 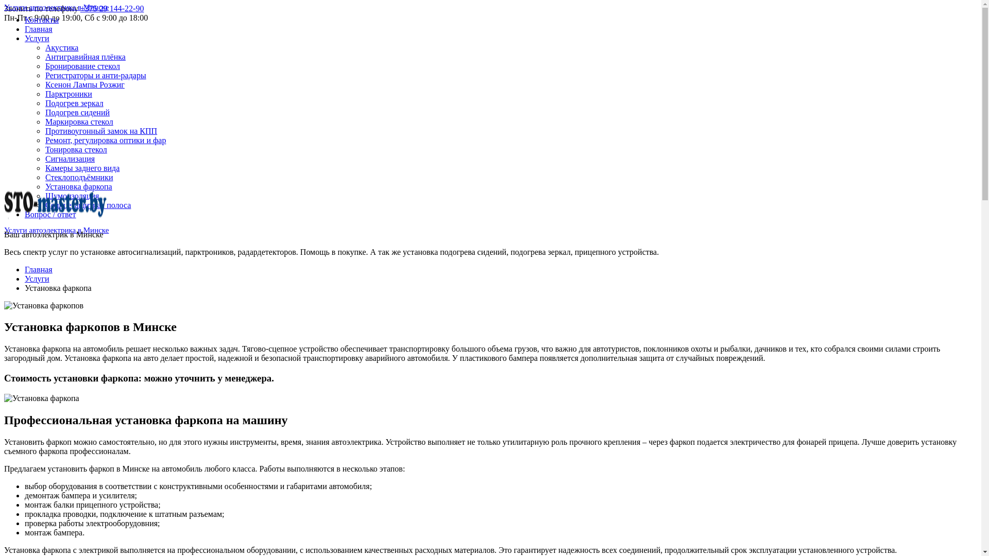 I want to click on '+375 29 144-22-90', so click(x=112, y=8).